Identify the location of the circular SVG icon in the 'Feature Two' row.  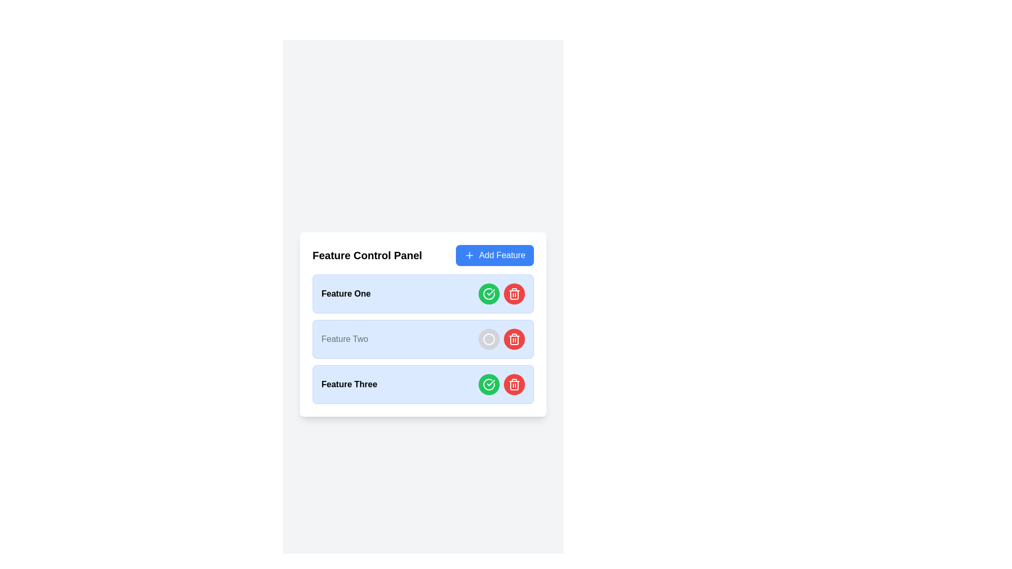
(488, 339).